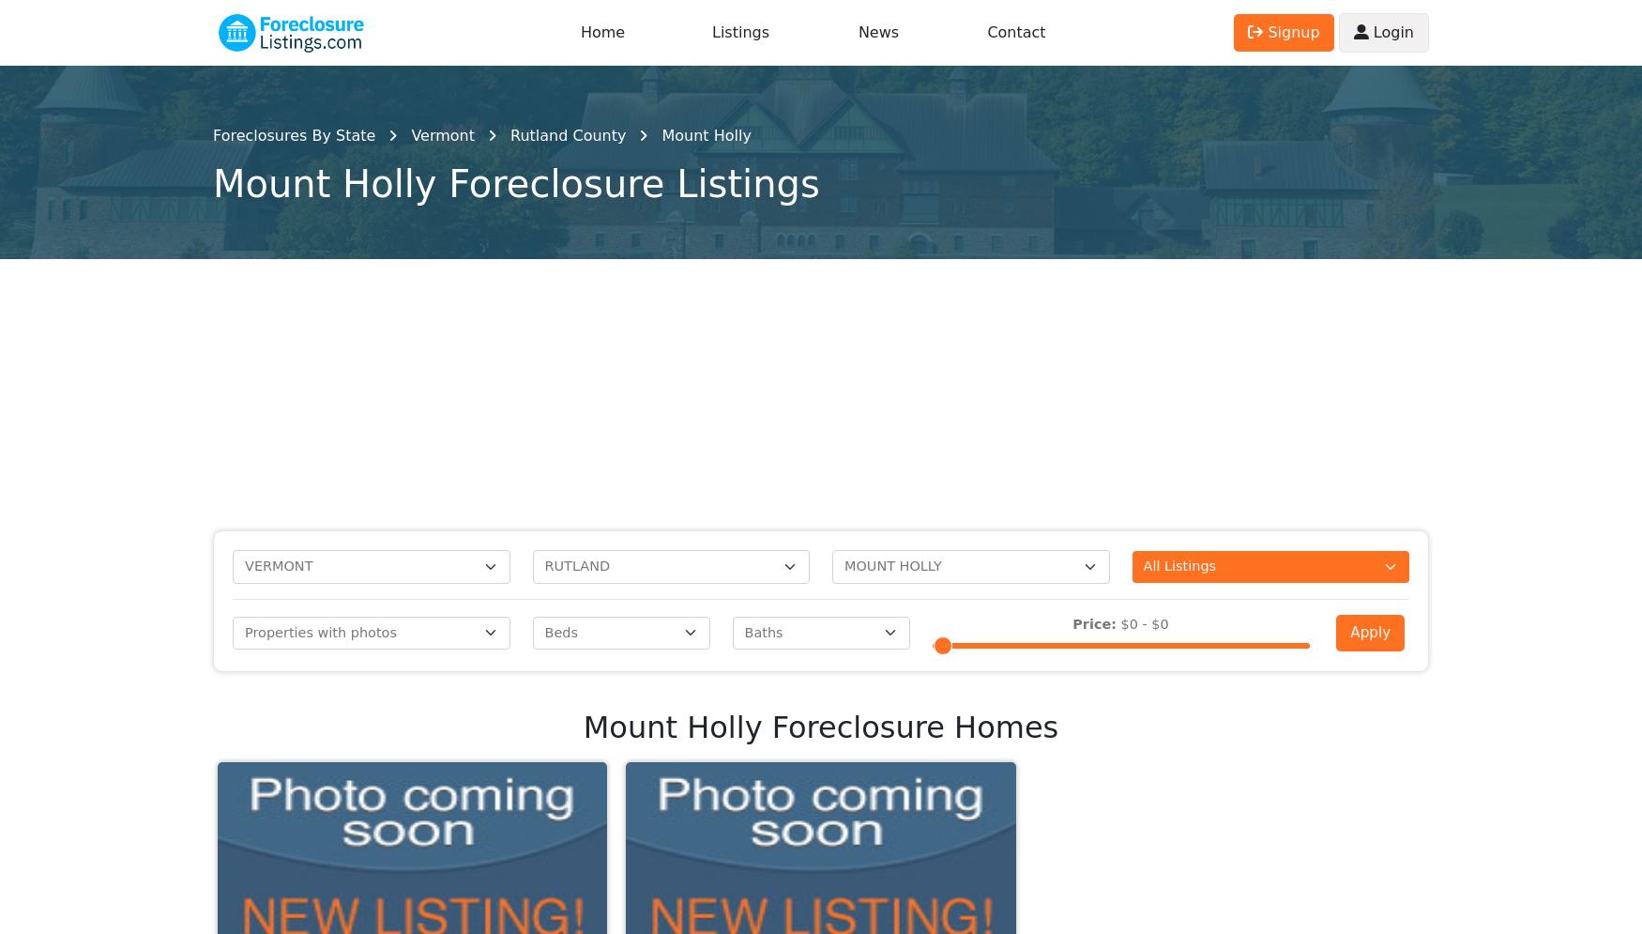 Image resolution: width=1642 pixels, height=934 pixels. Describe the element at coordinates (762, 807) in the screenshot. I see `'Mount Holly Vermont Real Estate foreclosure statistics:'` at that location.